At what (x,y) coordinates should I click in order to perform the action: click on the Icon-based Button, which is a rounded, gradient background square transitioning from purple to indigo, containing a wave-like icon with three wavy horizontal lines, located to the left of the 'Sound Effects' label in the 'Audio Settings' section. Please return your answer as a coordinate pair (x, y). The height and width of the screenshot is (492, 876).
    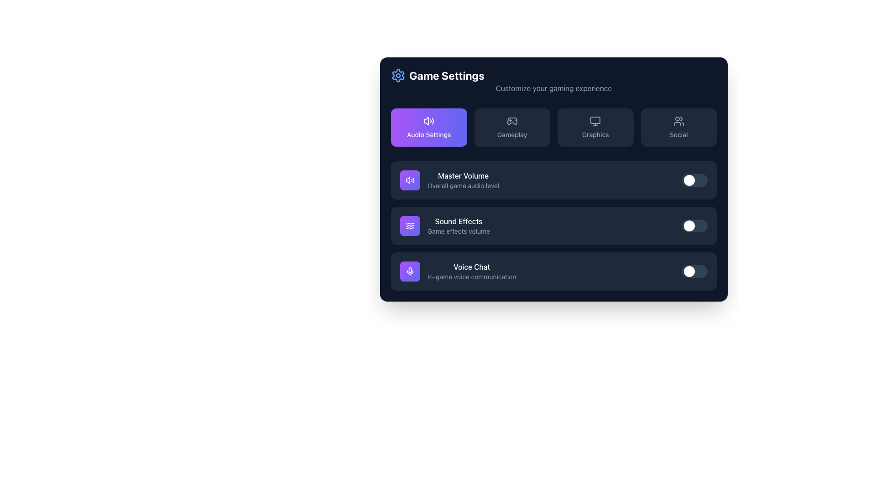
    Looking at the image, I should click on (409, 225).